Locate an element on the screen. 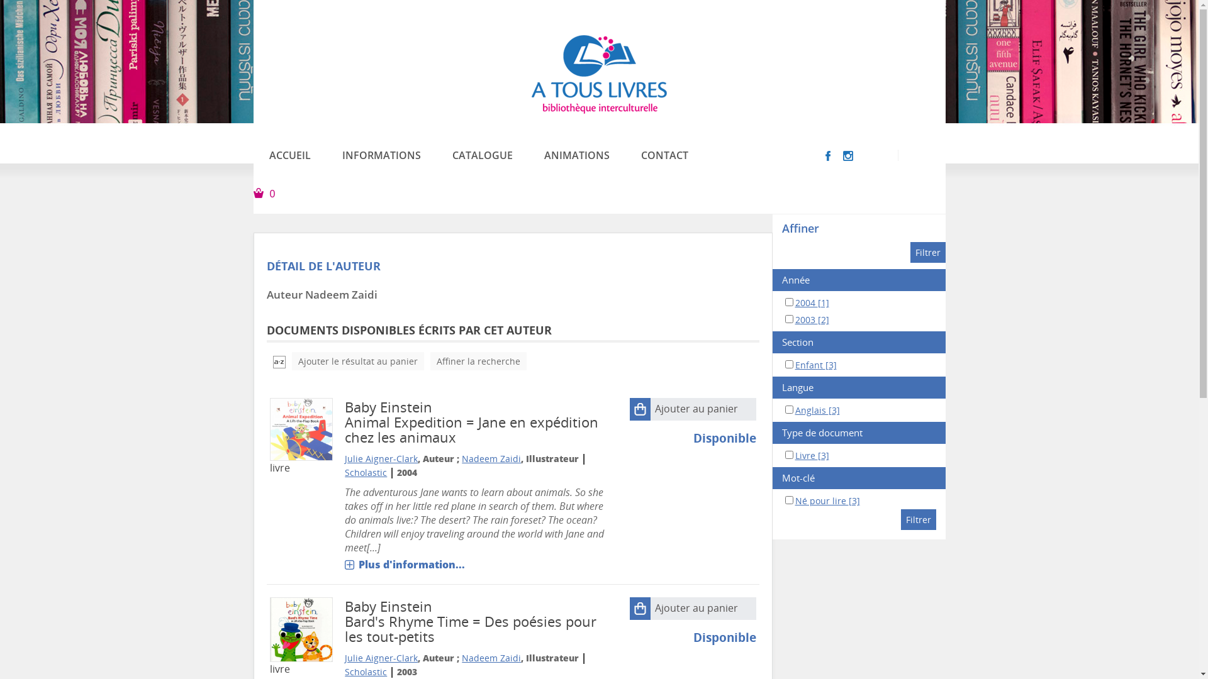 Image resolution: width=1208 pixels, height=679 pixels. 'CATALOGUE' is located at coordinates (437, 154).